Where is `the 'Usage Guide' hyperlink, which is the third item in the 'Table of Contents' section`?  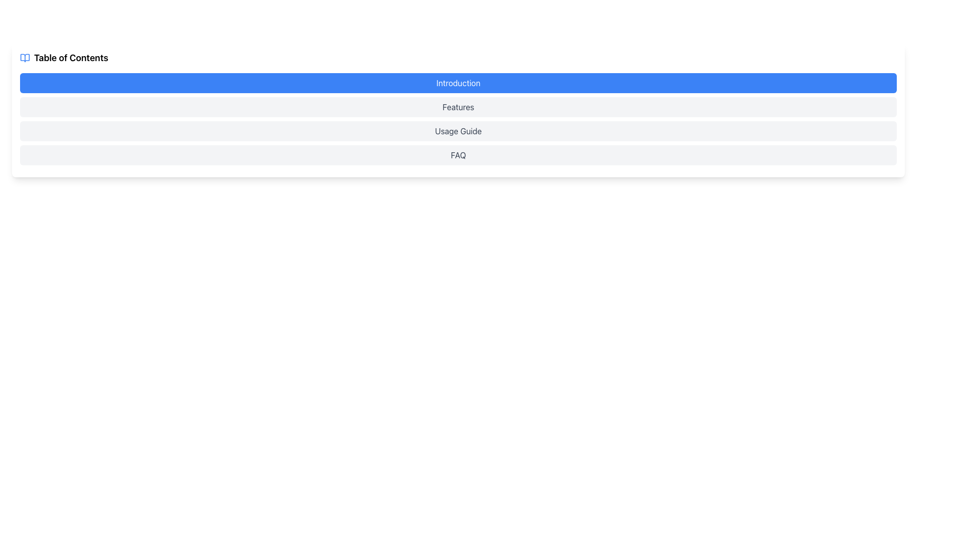 the 'Usage Guide' hyperlink, which is the third item in the 'Table of Contents' section is located at coordinates (457, 131).